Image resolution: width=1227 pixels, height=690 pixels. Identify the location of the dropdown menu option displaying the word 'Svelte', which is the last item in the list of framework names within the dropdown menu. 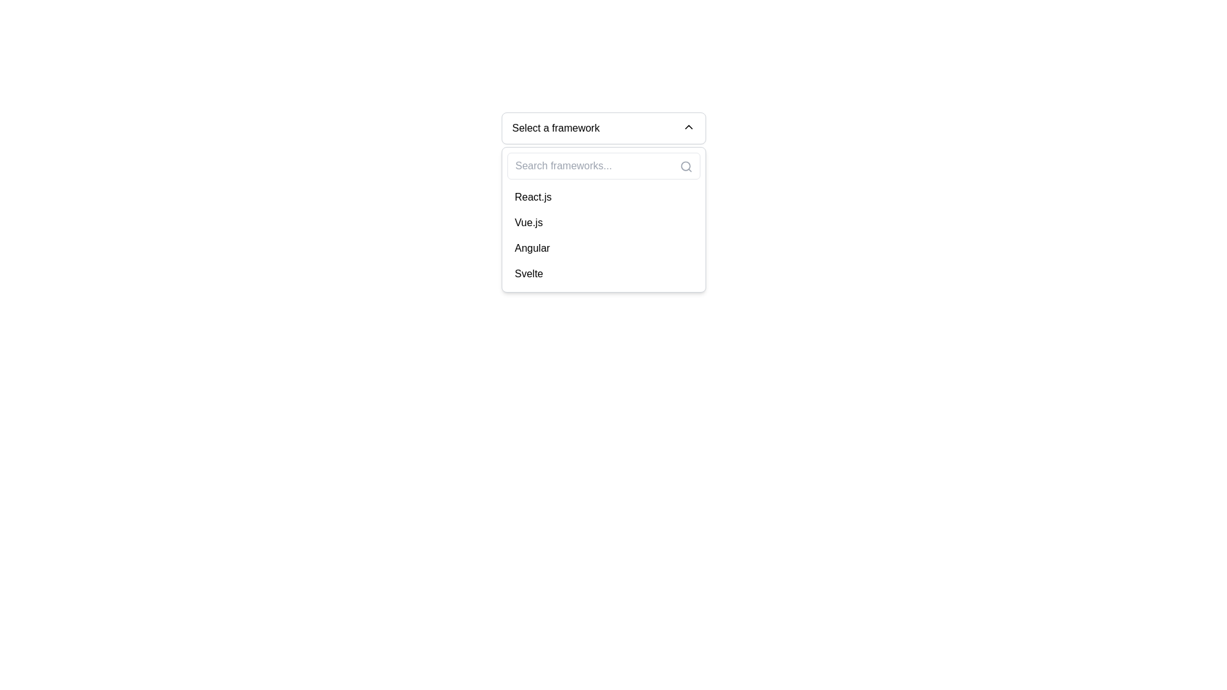
(603, 273).